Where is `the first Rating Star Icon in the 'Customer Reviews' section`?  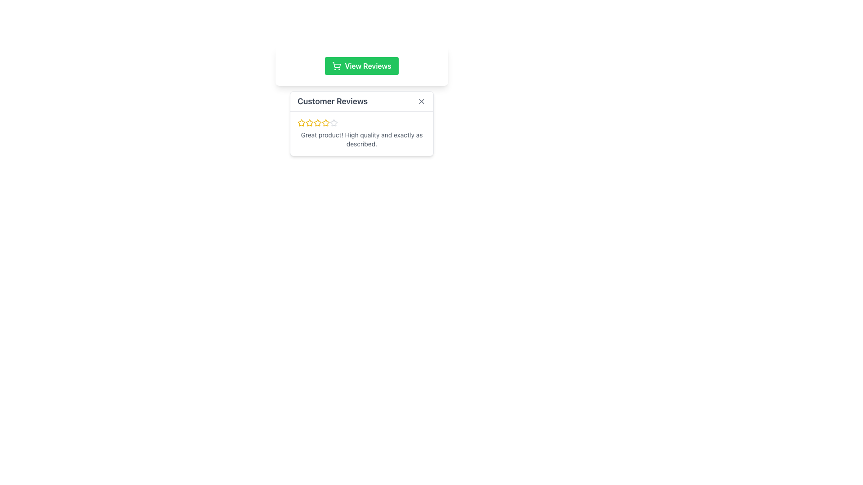 the first Rating Star Icon in the 'Customer Reviews' section is located at coordinates (302, 123).